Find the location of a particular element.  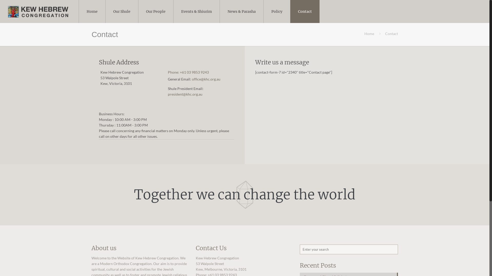

'president@khc.org.au' is located at coordinates (168, 94).